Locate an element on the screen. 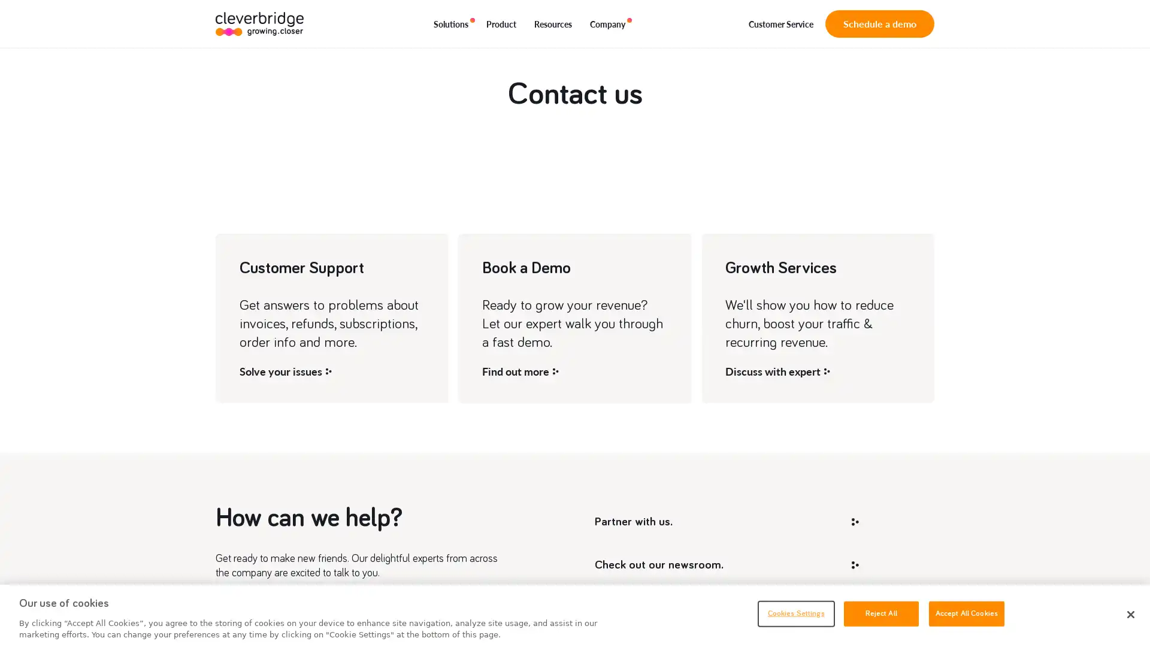 The width and height of the screenshot is (1150, 647). Accept All Cookies is located at coordinates (966, 613).